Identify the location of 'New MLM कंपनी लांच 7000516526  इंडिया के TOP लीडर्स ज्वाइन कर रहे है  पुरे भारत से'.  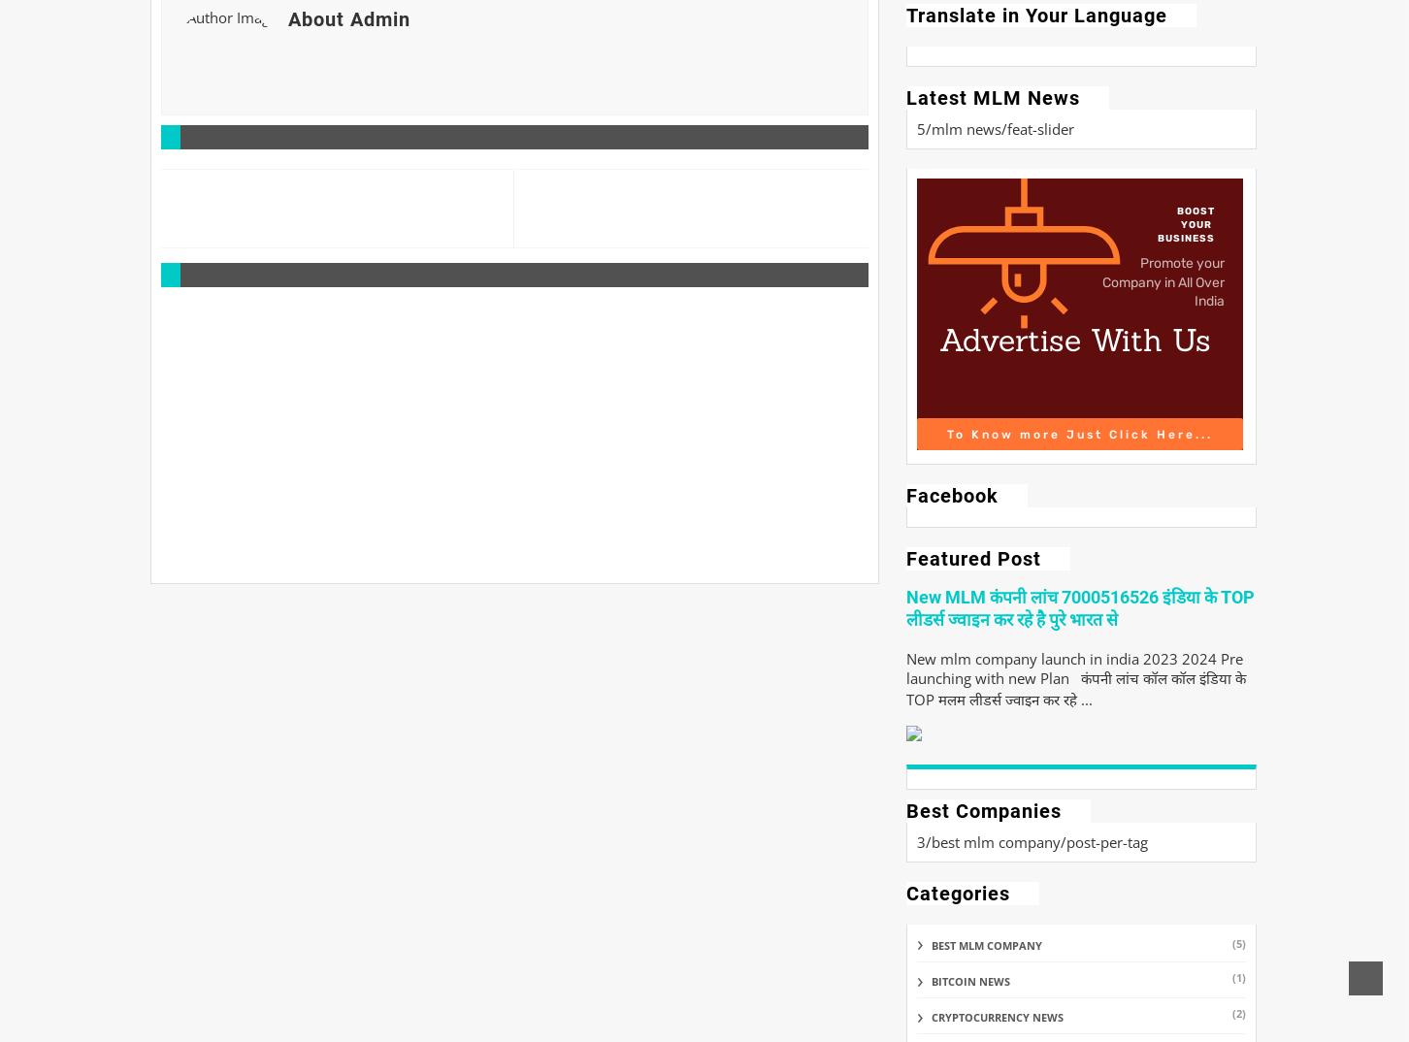
(1080, 607).